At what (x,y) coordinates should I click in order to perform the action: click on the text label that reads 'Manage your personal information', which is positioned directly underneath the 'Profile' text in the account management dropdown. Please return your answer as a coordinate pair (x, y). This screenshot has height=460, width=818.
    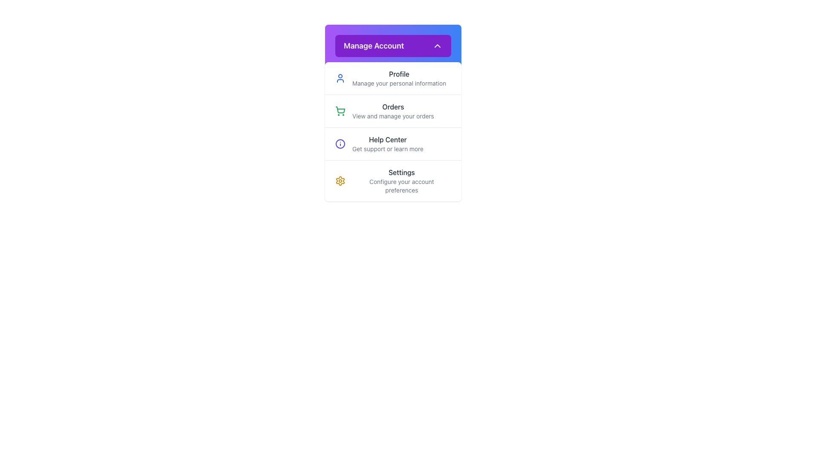
    Looking at the image, I should click on (399, 83).